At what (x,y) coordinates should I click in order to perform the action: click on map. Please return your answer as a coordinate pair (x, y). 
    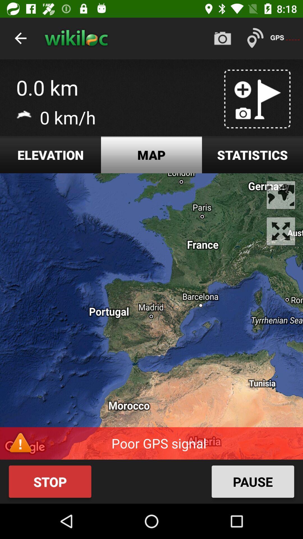
    Looking at the image, I should click on (151, 155).